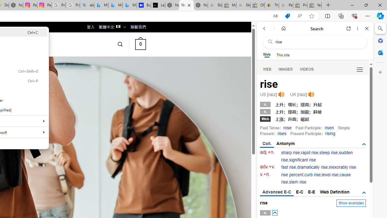  Describe the element at coordinates (283, 54) in the screenshot. I see `'This site scope'` at that location.